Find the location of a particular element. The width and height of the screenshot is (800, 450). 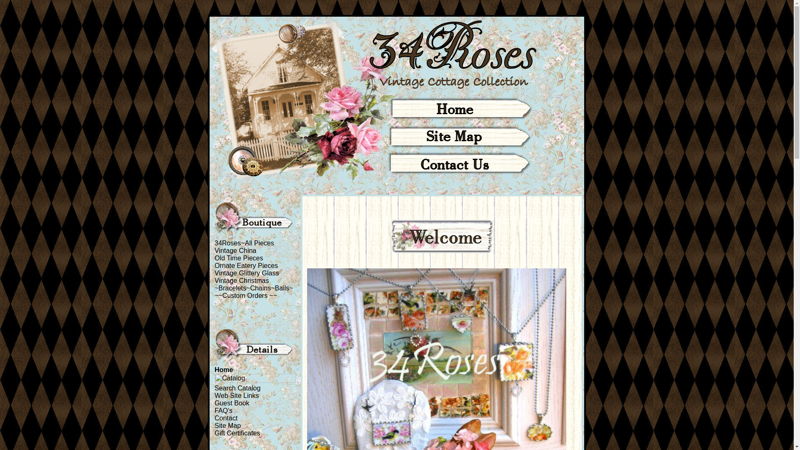

'Site Map' is located at coordinates (227, 425).